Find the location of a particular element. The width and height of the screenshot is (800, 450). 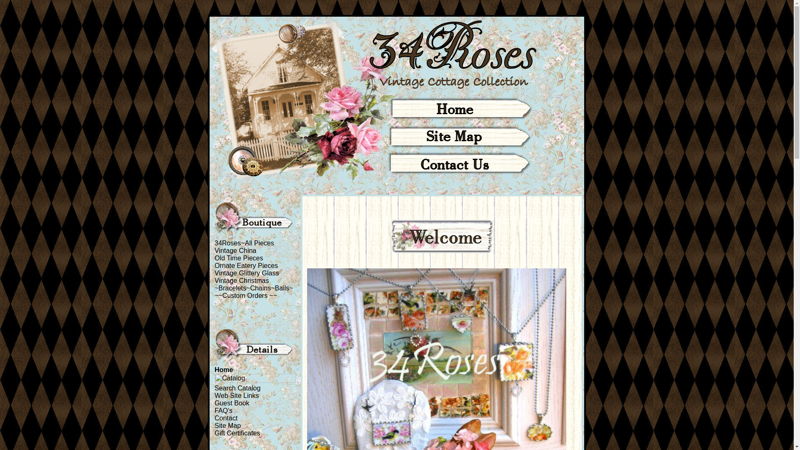

'Site Map' is located at coordinates (227, 425).